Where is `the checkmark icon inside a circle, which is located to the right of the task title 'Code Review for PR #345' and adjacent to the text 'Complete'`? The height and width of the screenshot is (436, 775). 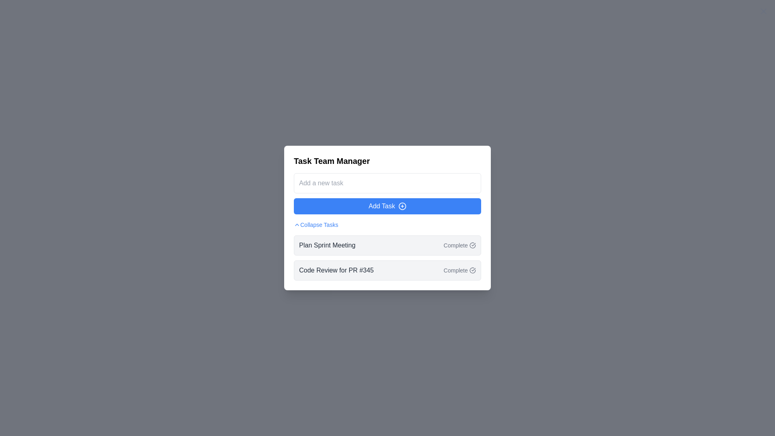 the checkmark icon inside a circle, which is located to the right of the task title 'Code Review for PR #345' and adjacent to the text 'Complete' is located at coordinates (473, 270).